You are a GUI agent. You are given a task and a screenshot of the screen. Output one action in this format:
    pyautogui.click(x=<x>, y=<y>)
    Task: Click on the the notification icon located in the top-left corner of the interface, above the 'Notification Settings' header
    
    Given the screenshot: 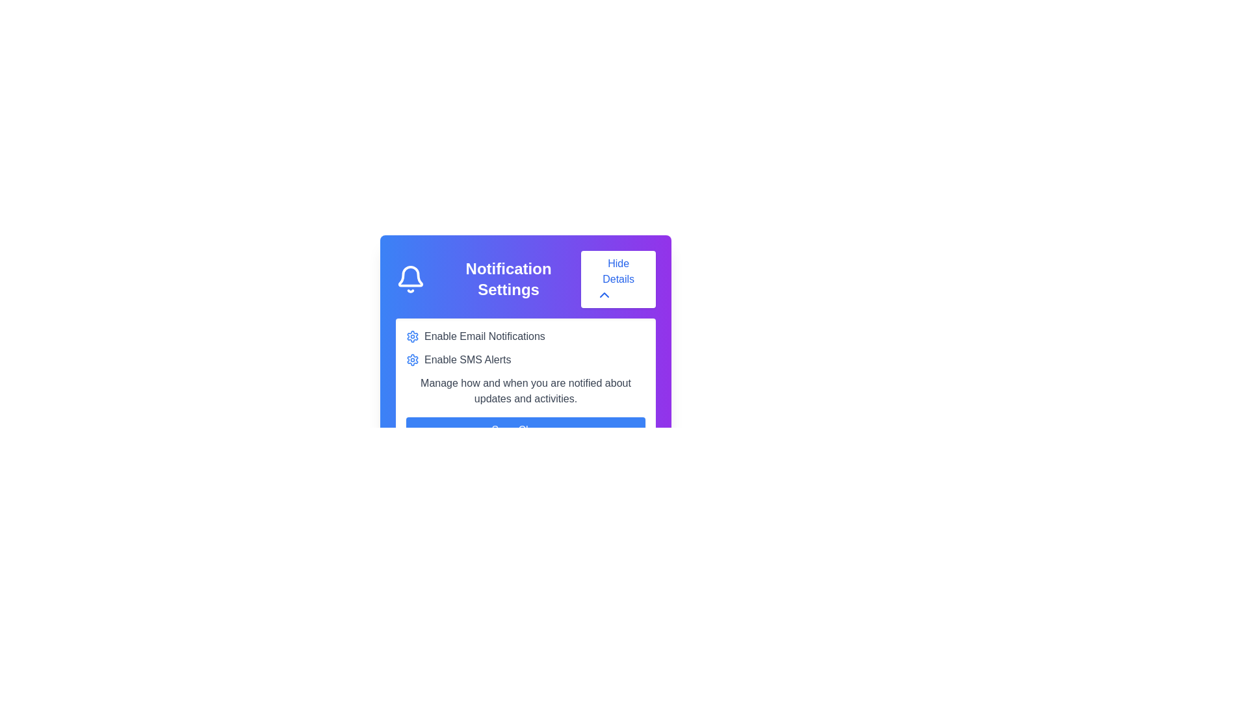 What is the action you would take?
    pyautogui.click(x=410, y=276)
    